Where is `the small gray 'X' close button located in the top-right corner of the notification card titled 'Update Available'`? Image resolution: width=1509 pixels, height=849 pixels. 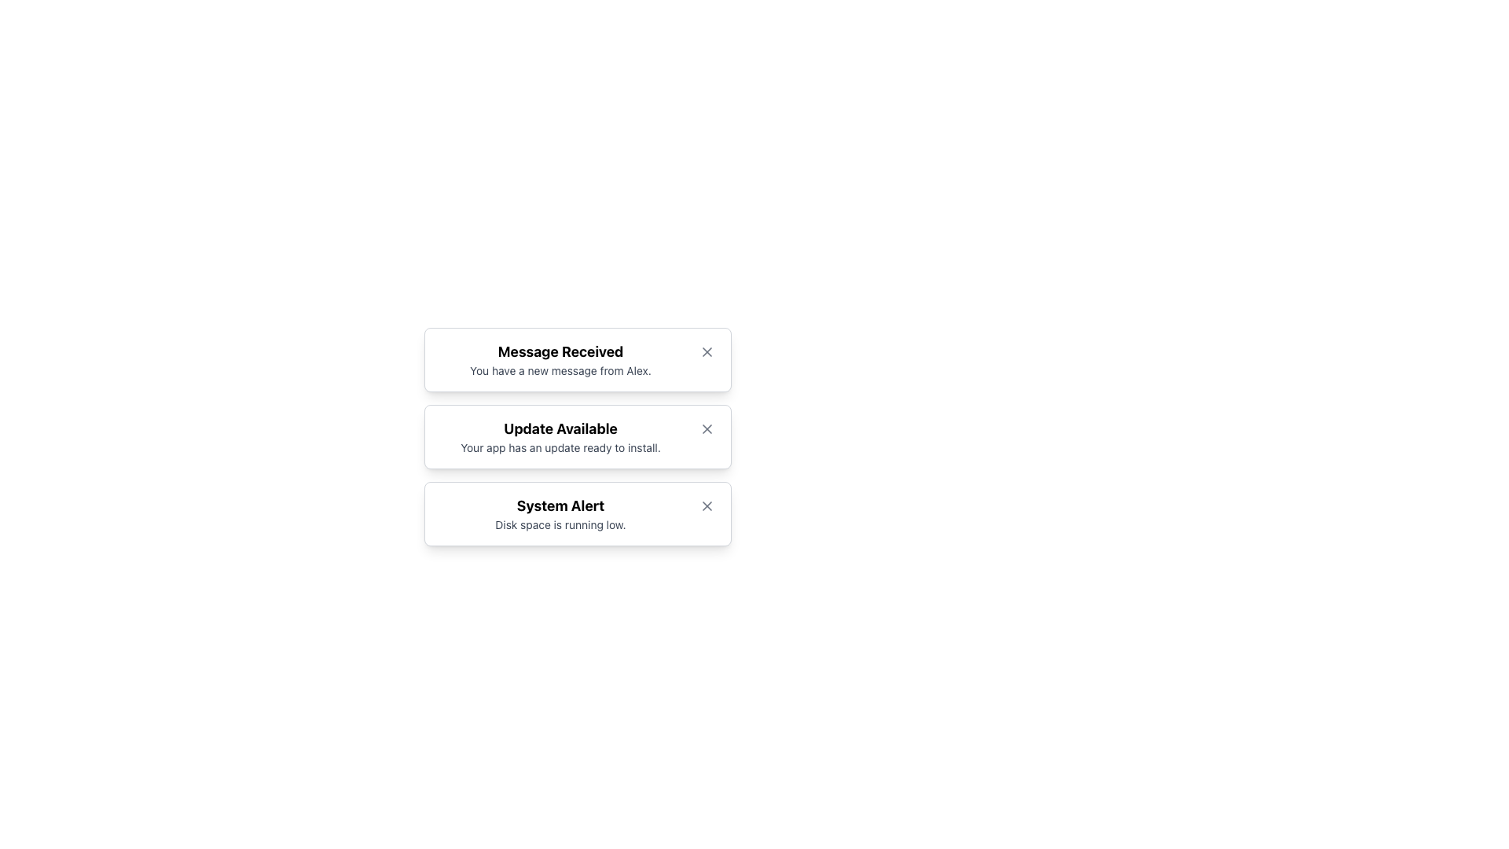
the small gray 'X' close button located in the top-right corner of the notification card titled 'Update Available' is located at coordinates (707, 429).